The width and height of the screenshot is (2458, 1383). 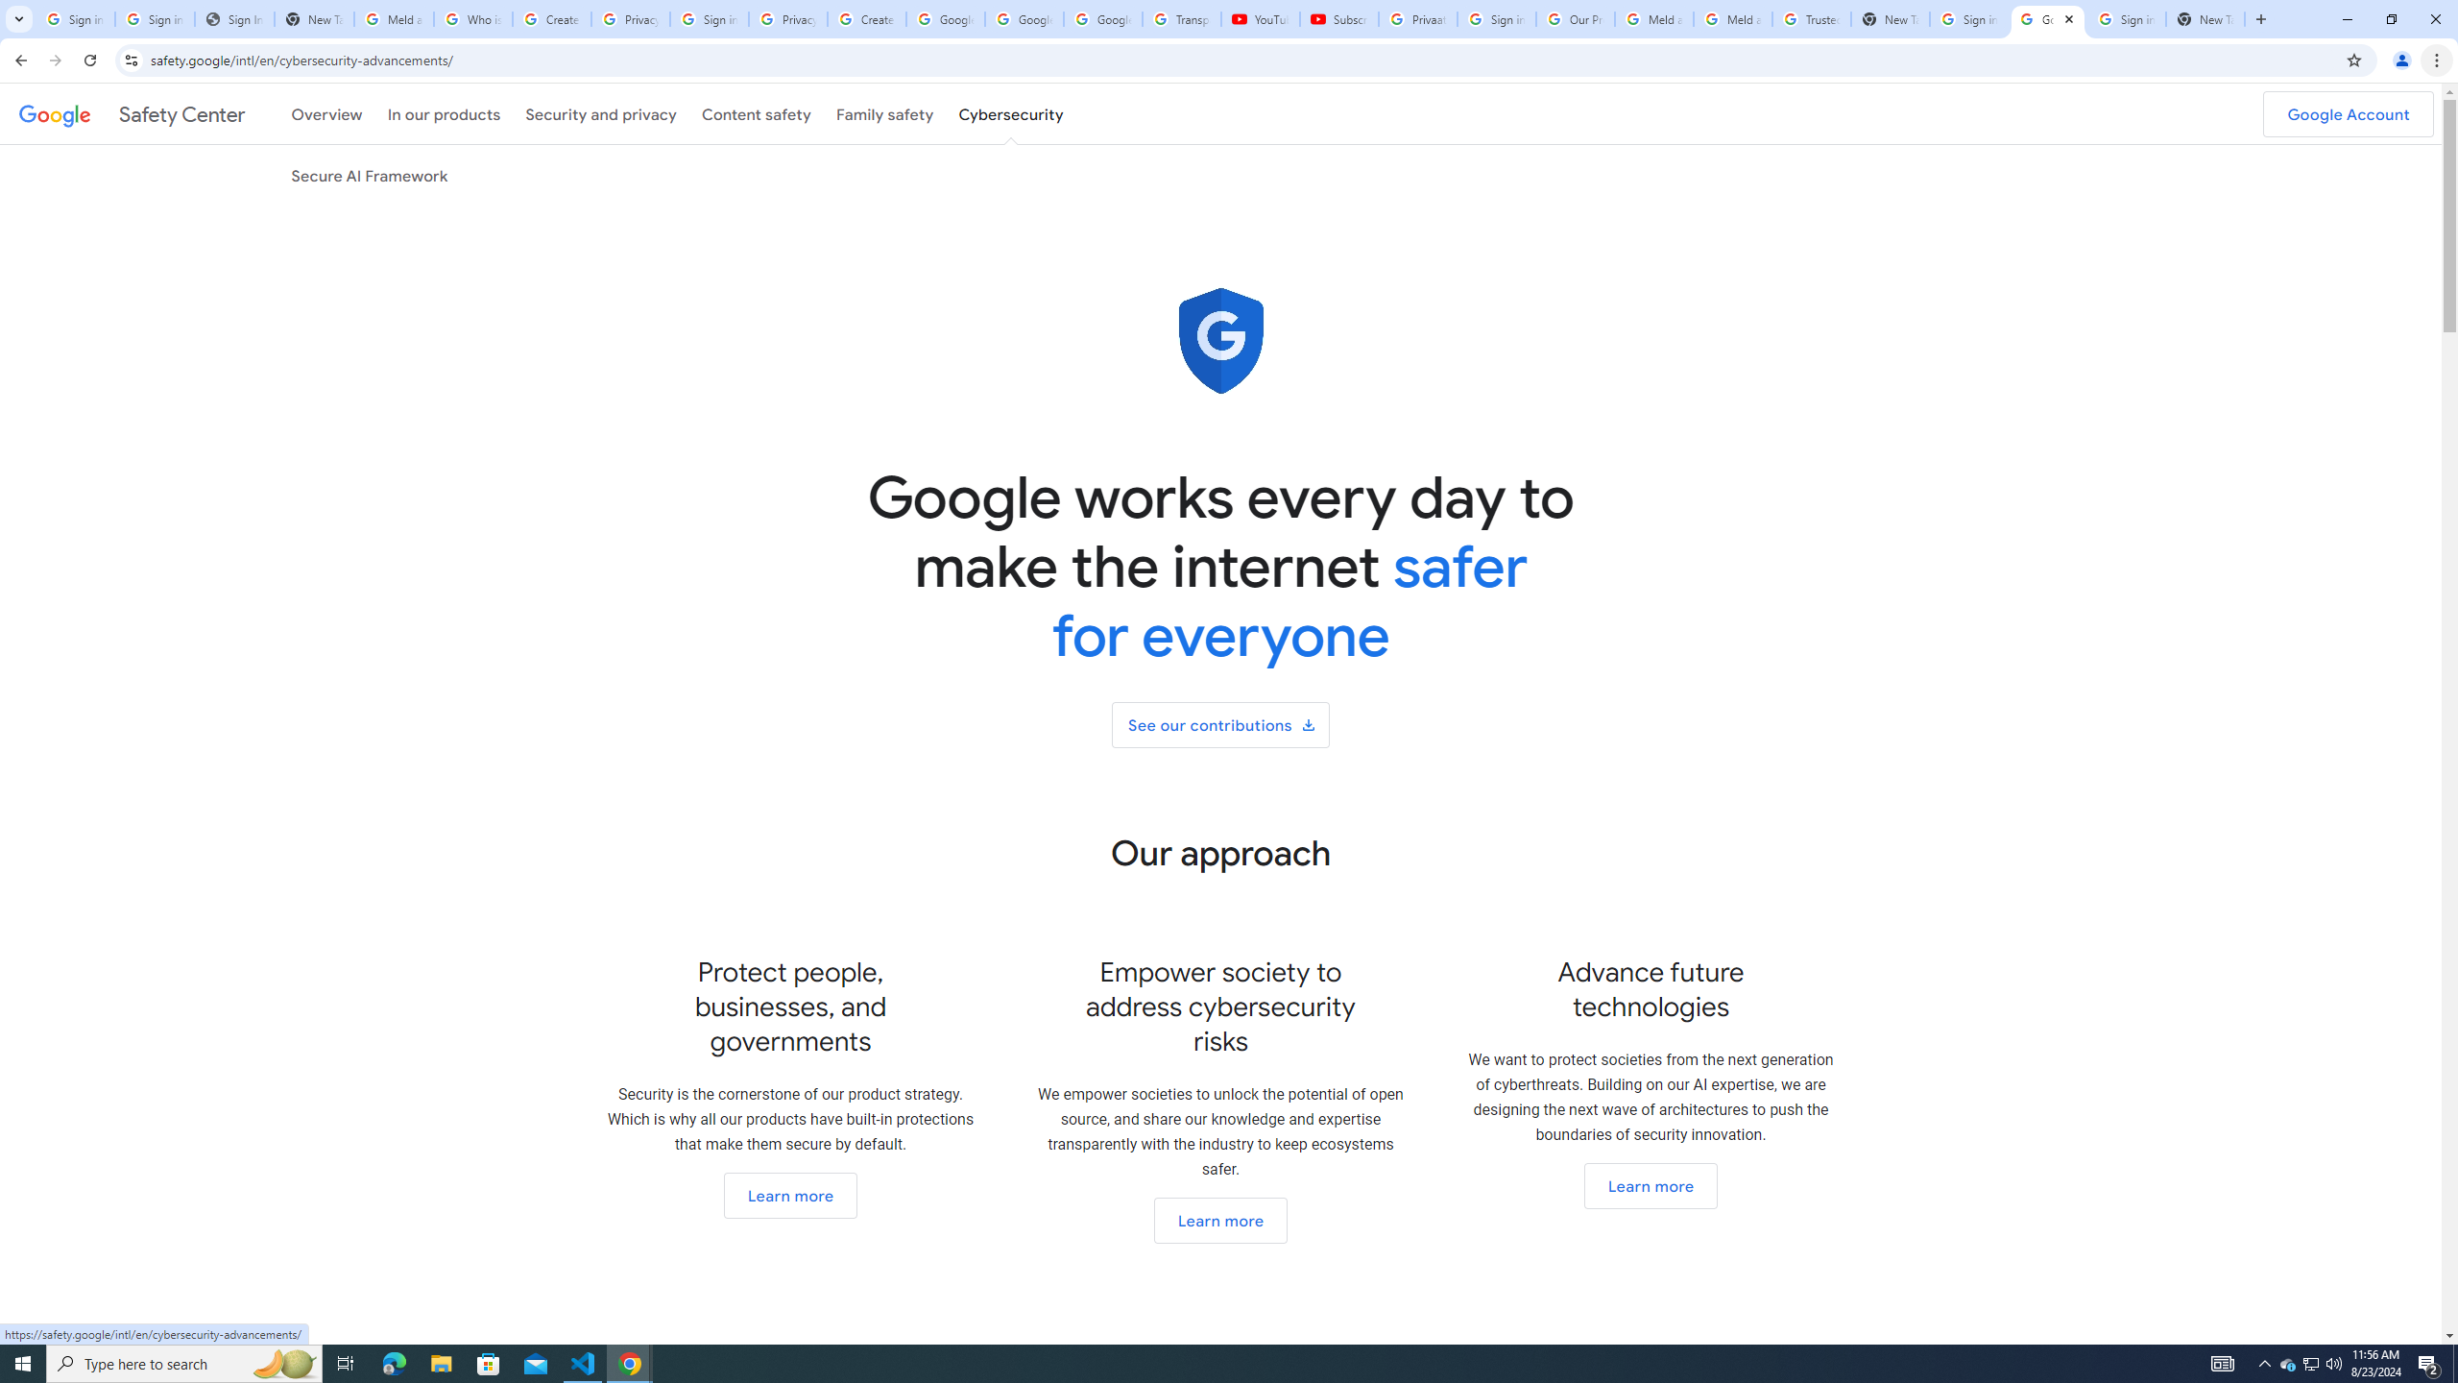 What do you see at coordinates (755, 113) in the screenshot?
I see `'Content safety'` at bounding box center [755, 113].